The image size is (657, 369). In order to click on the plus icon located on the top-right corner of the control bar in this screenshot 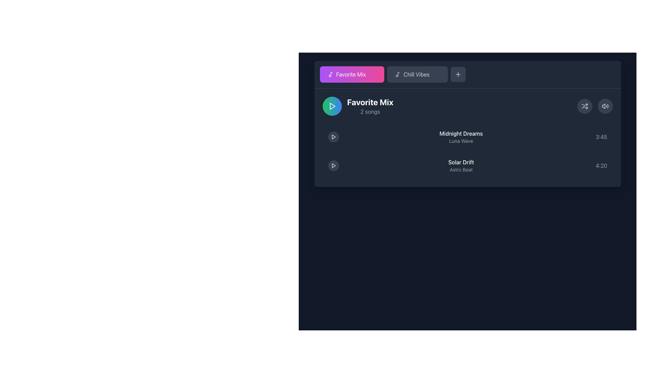, I will do `click(458, 74)`.